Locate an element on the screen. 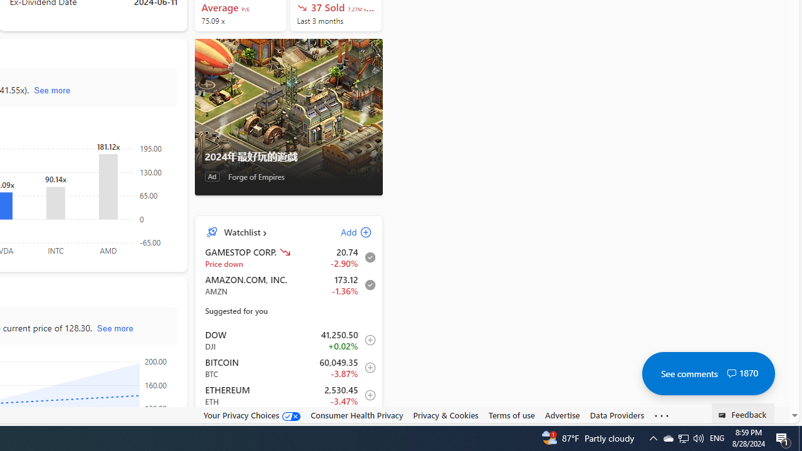  'Add to Watchlist' is located at coordinates (366, 423).